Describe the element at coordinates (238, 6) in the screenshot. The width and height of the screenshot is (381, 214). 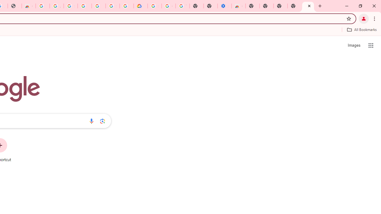
I see `'Chrome Web Store - Accessibility extensions'` at that location.